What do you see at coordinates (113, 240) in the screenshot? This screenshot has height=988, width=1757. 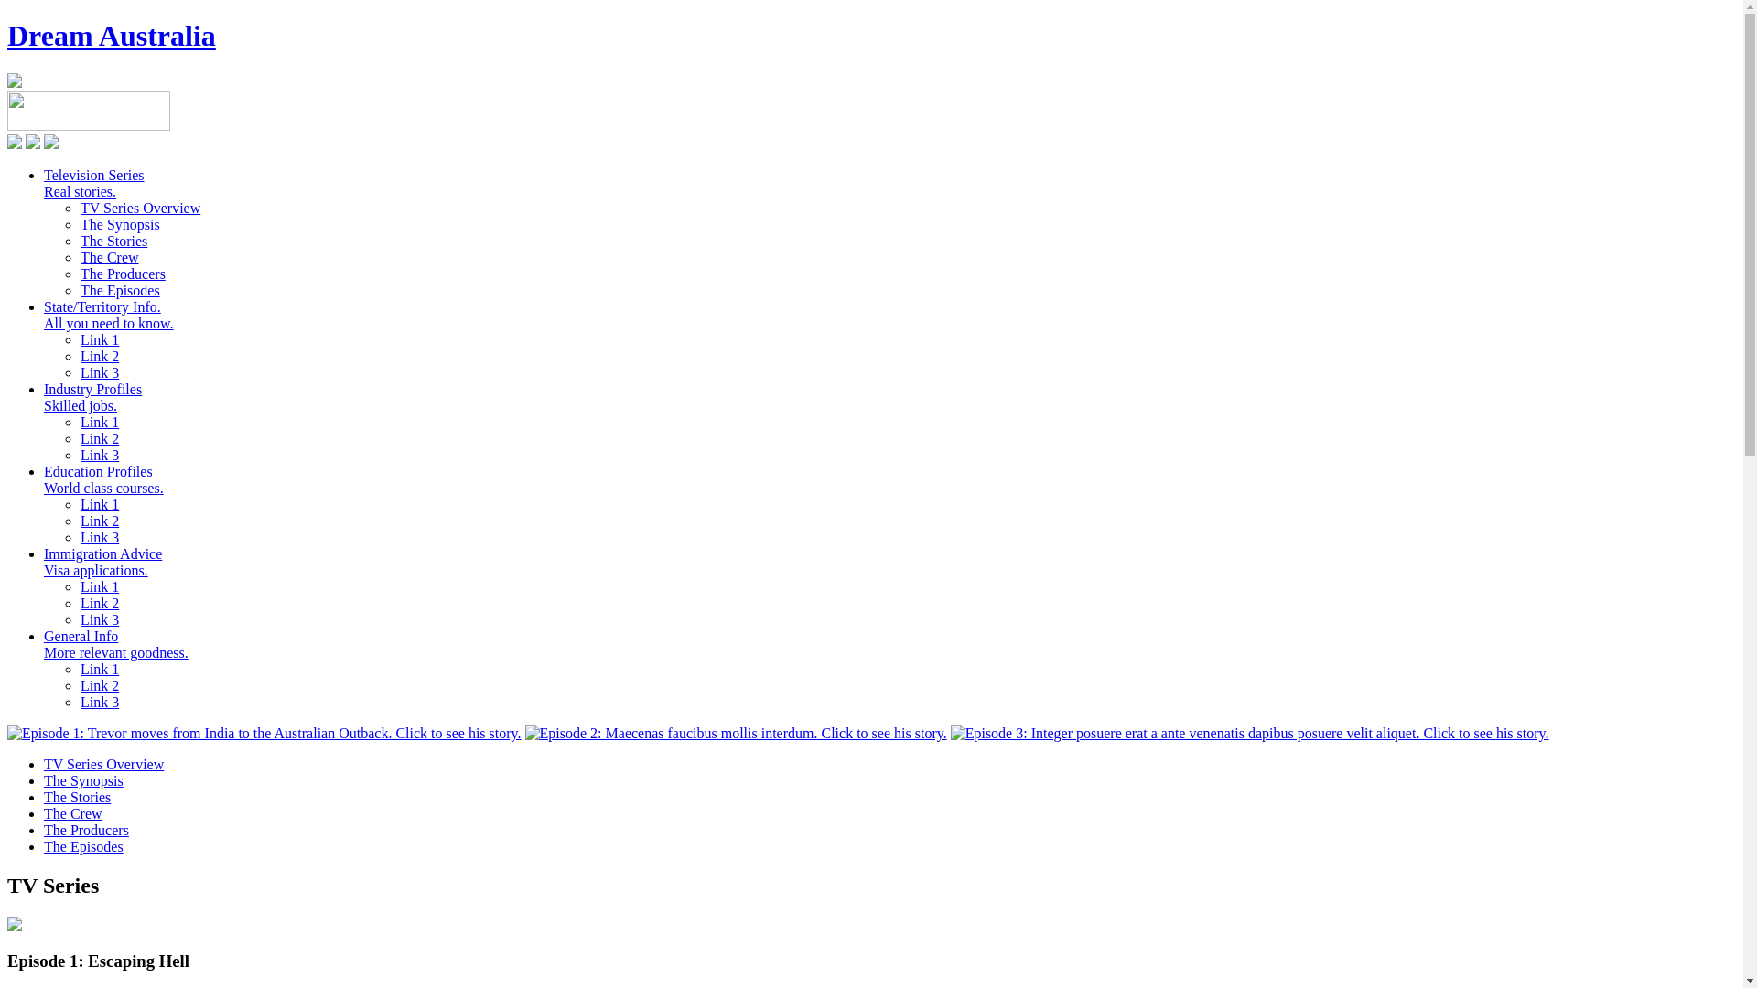 I see `'The Stories'` at bounding box center [113, 240].